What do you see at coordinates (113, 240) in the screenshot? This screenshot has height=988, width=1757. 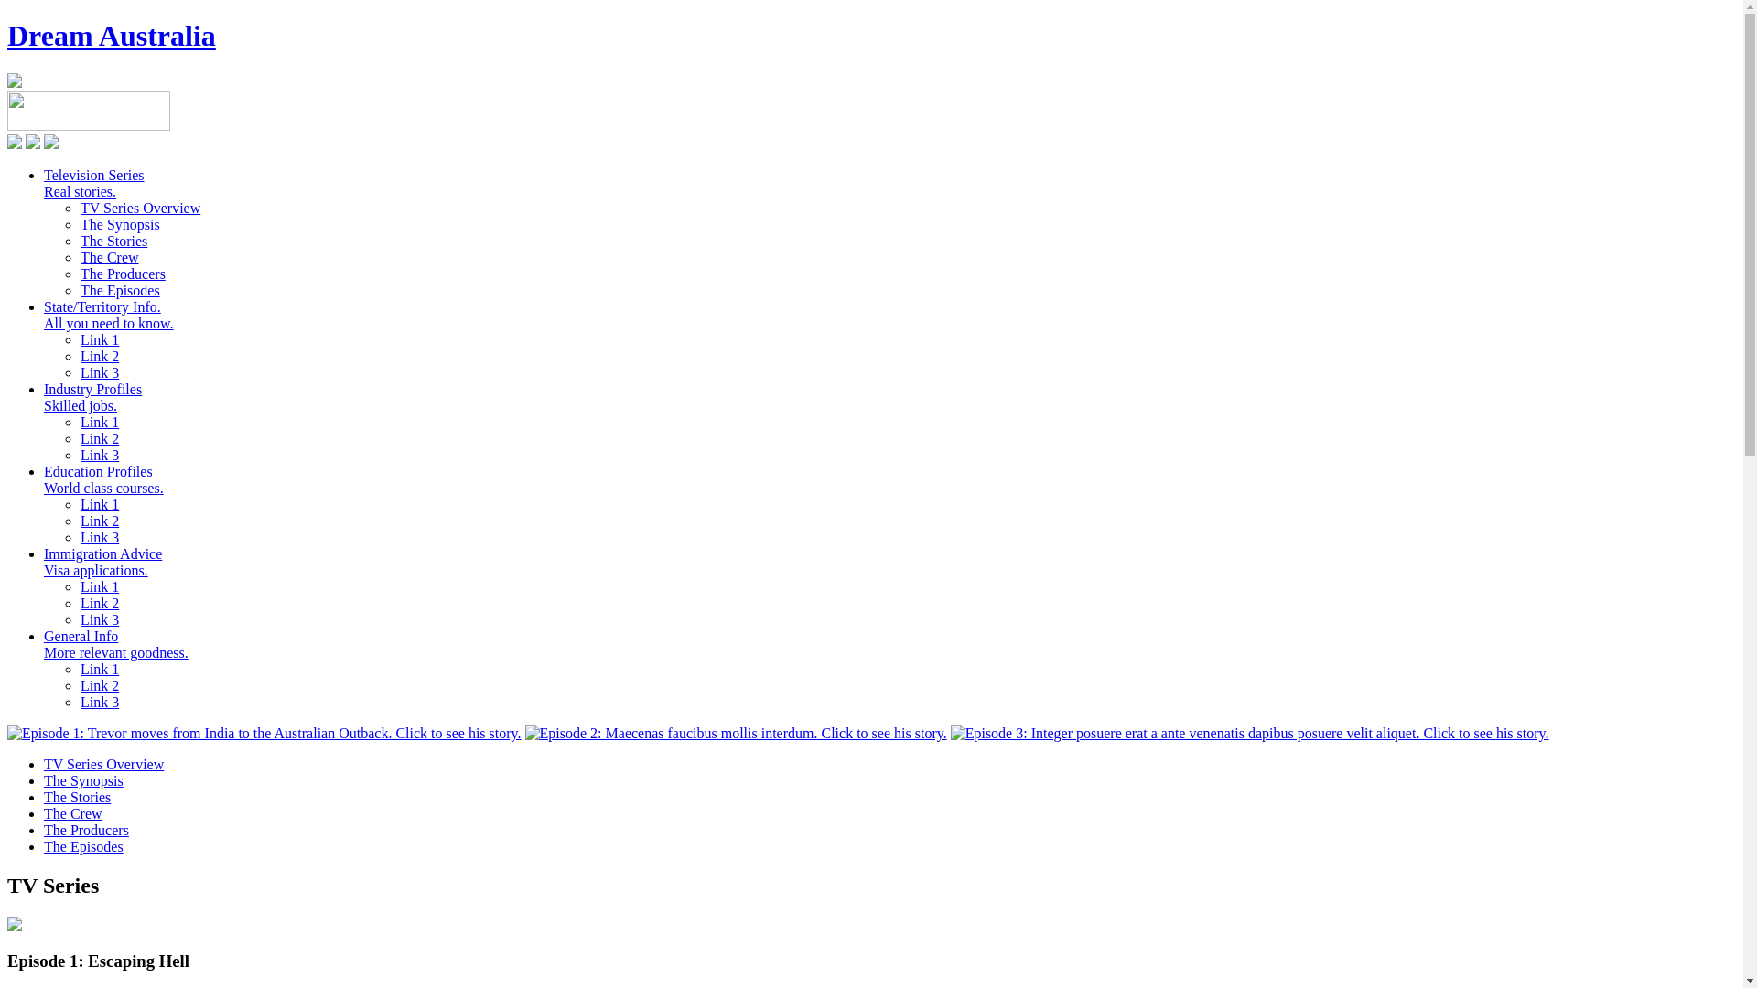 I see `'The Stories'` at bounding box center [113, 240].